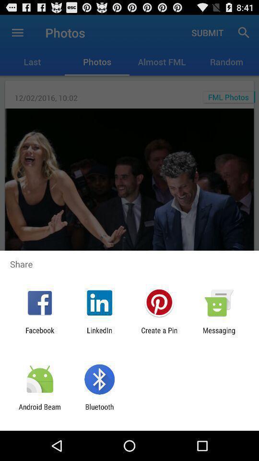 The width and height of the screenshot is (259, 461). I want to click on the icon next to linkedin icon, so click(39, 334).